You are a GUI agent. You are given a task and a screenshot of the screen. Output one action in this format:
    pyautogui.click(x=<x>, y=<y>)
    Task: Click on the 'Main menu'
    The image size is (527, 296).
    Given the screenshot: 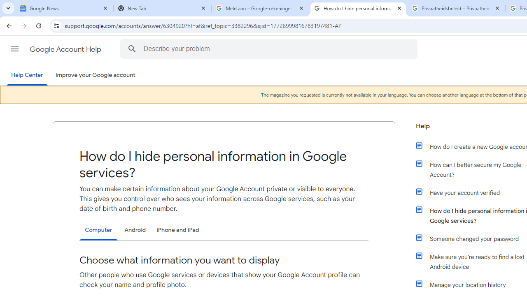 What is the action you would take?
    pyautogui.click(x=14, y=49)
    